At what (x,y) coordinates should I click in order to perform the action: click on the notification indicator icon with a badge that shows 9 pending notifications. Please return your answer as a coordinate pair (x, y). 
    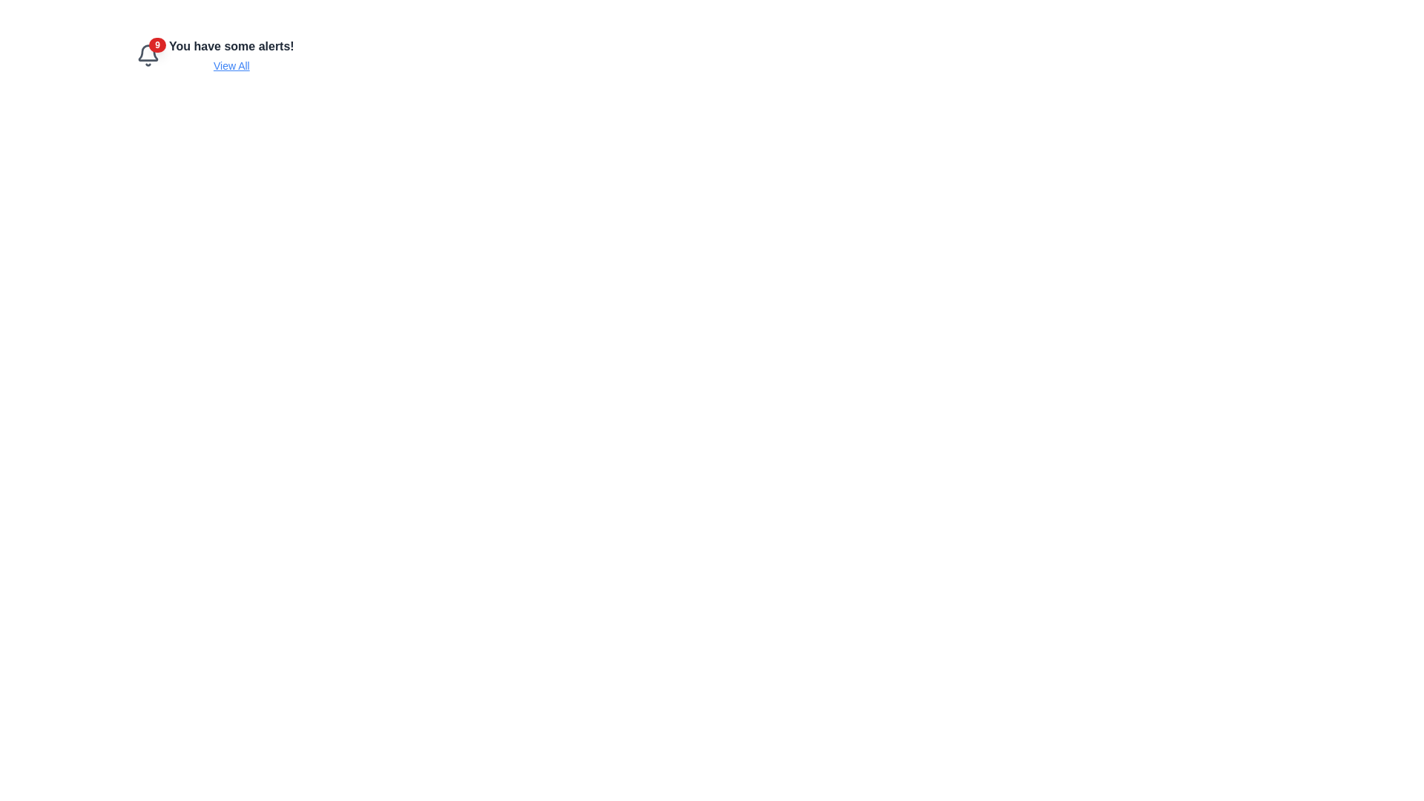
    Looking at the image, I should click on (148, 54).